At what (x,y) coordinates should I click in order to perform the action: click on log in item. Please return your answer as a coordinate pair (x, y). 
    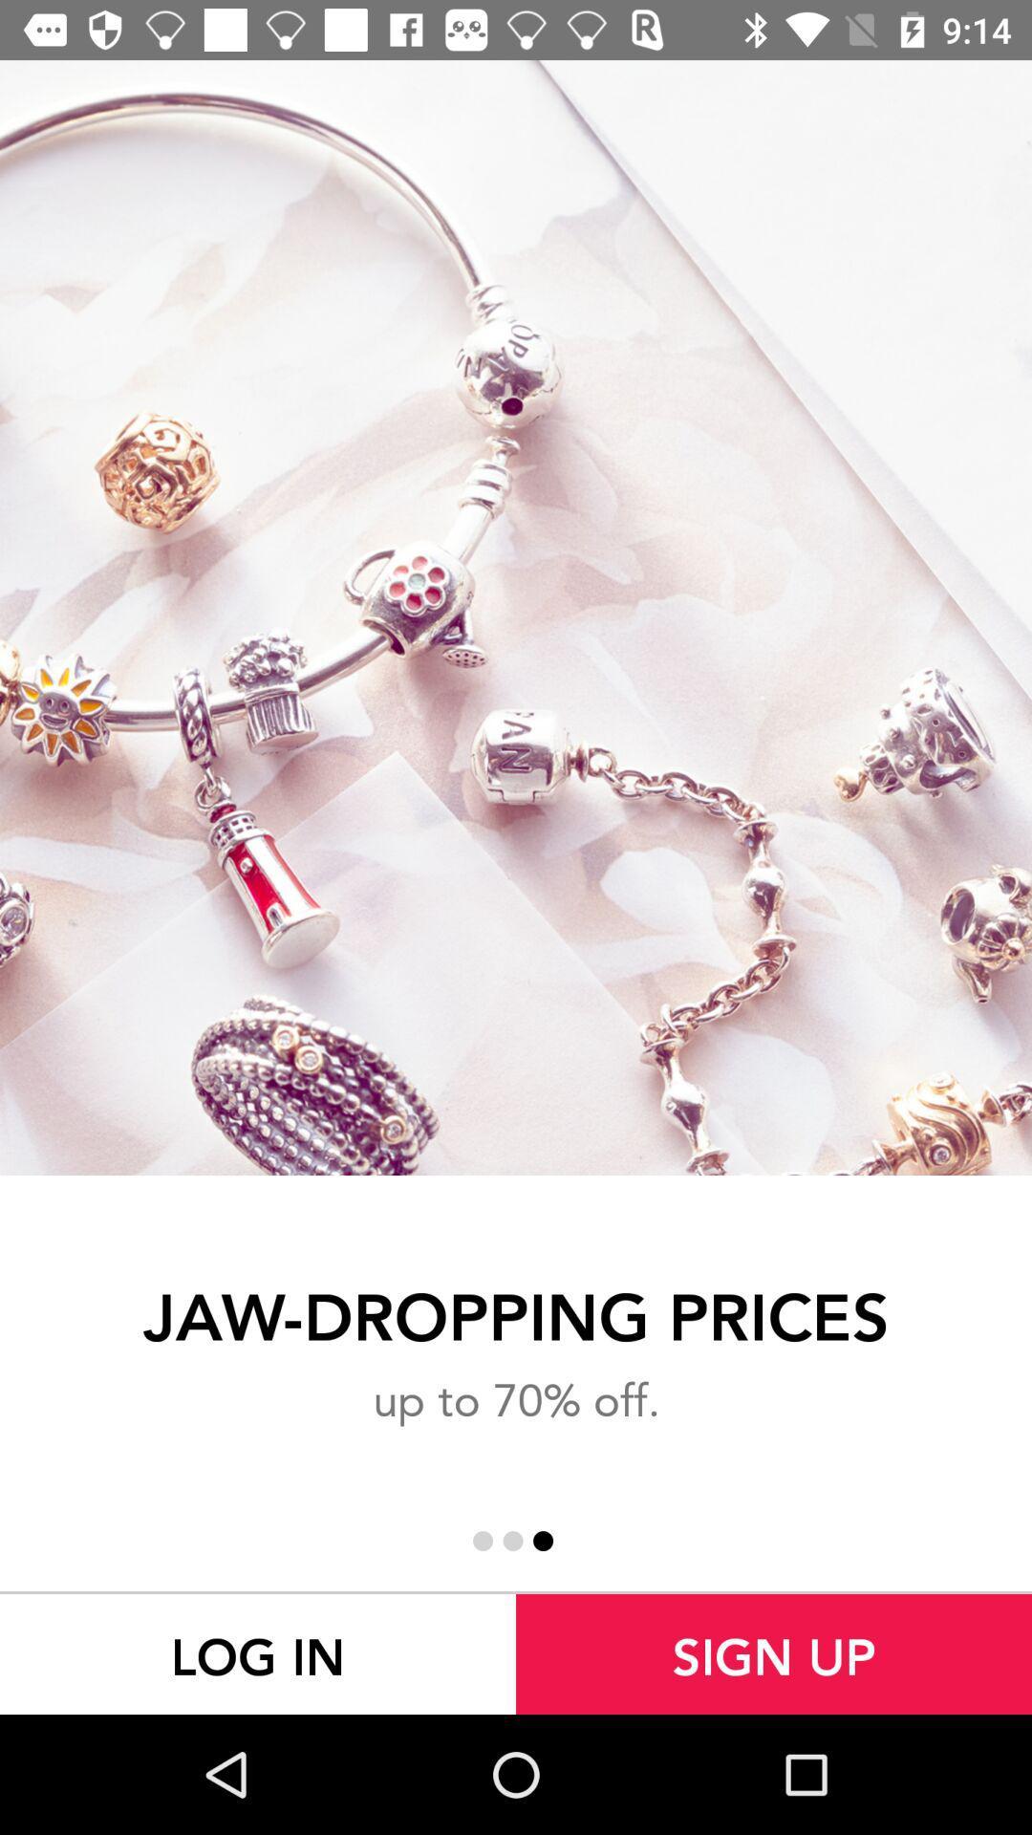
    Looking at the image, I should click on (258, 1653).